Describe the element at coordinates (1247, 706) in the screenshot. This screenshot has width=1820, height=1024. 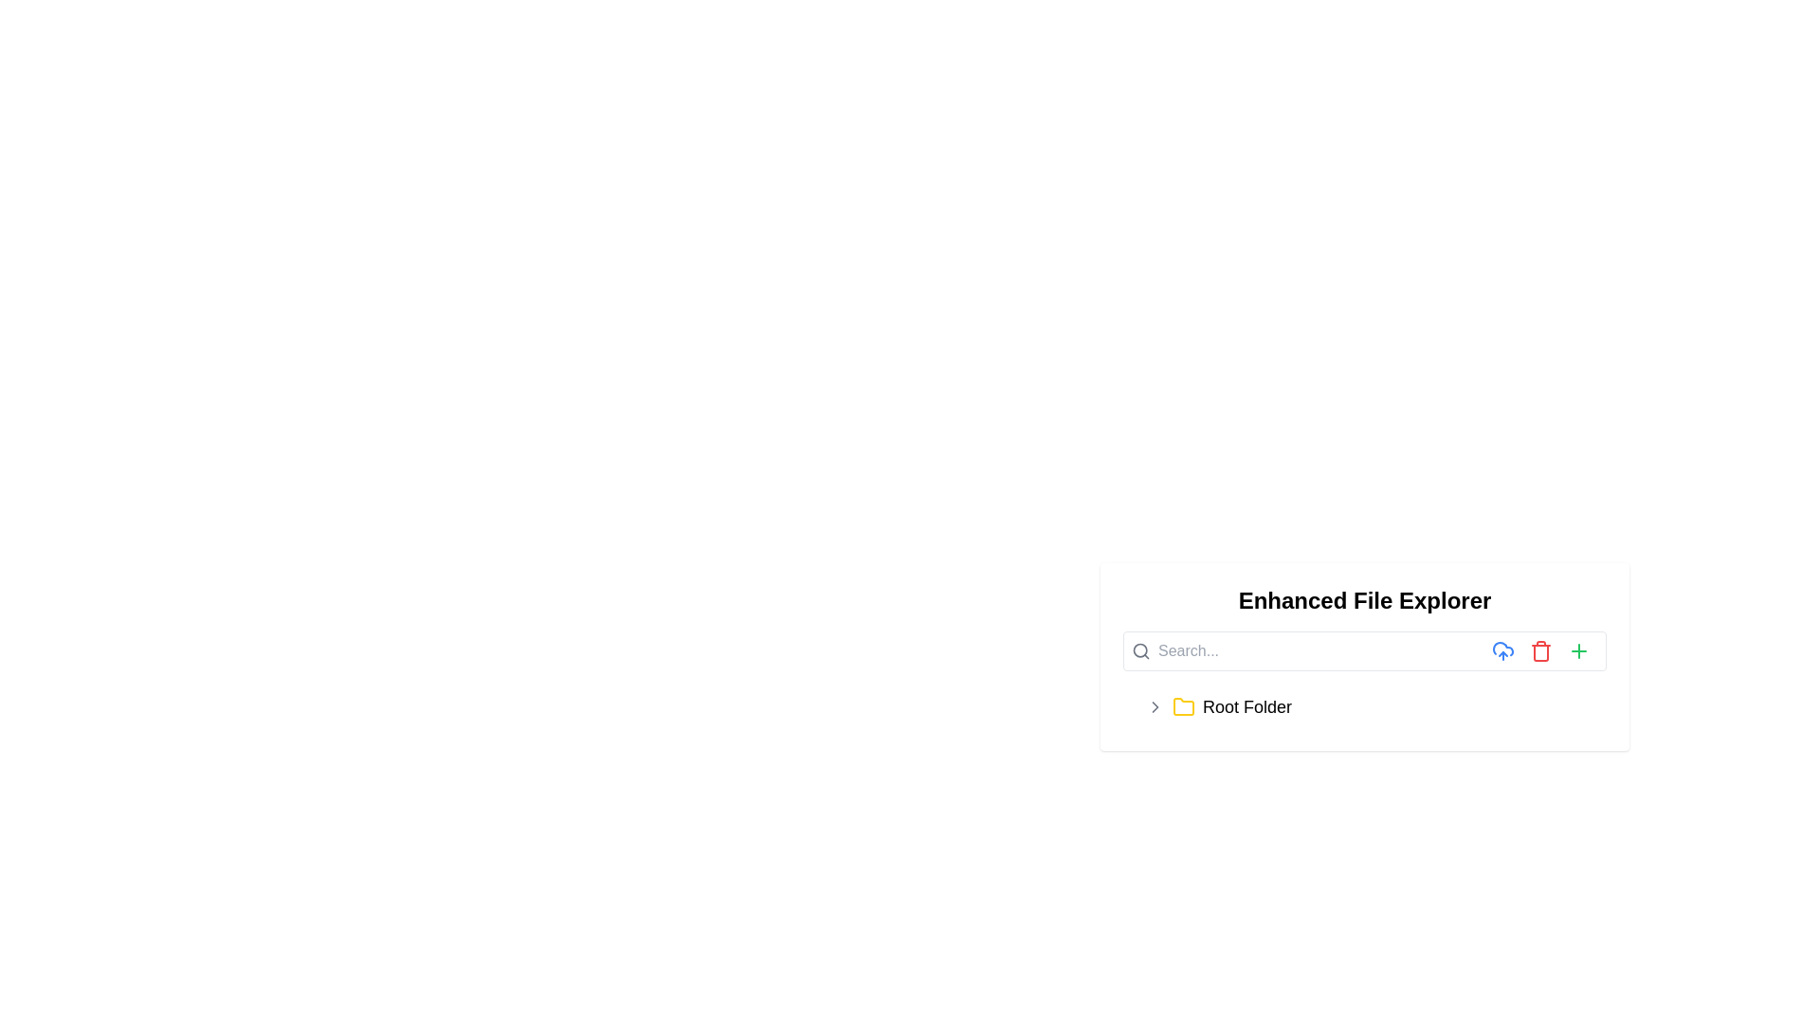
I see `the 'Root Folder' text label which is displayed in a medium-sized, bold font and positioned below the search bar, to the right of the yellow folder icon` at that location.